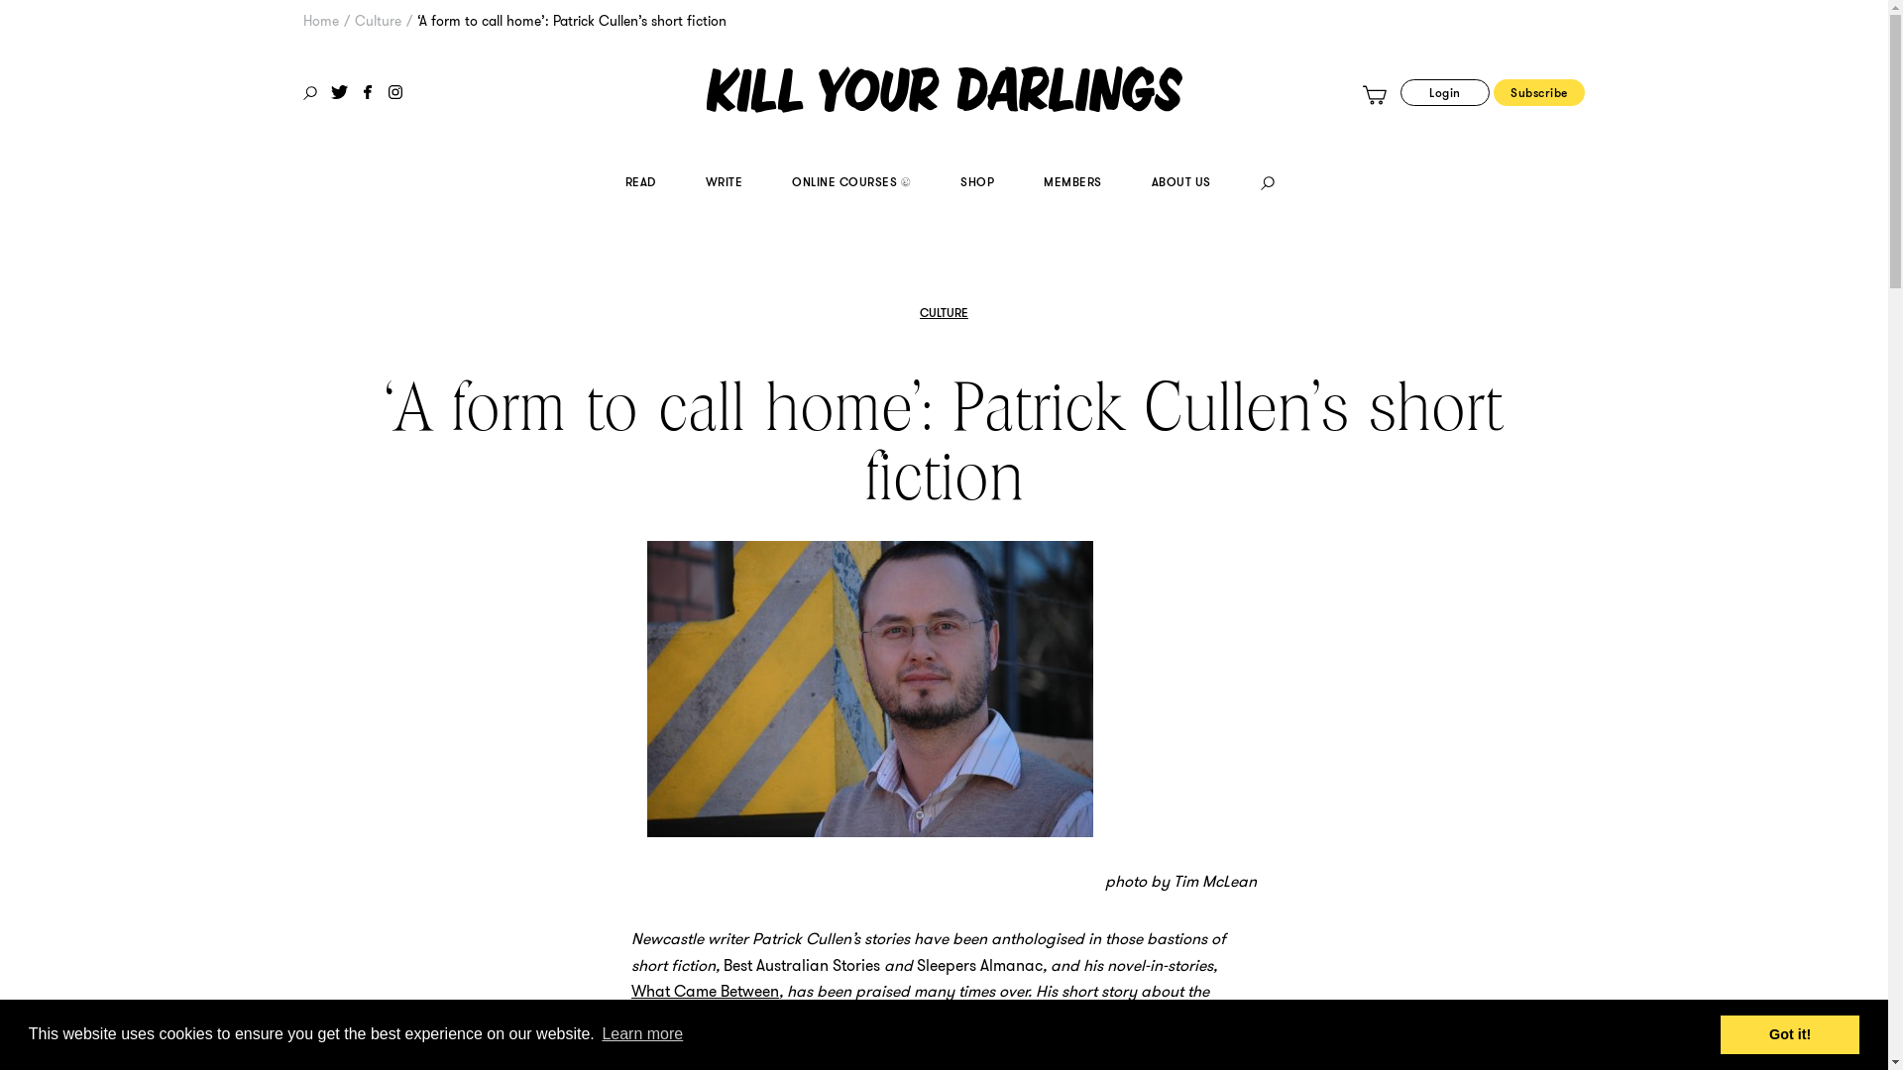 The image size is (1903, 1070). I want to click on 'Twitter', so click(331, 91).